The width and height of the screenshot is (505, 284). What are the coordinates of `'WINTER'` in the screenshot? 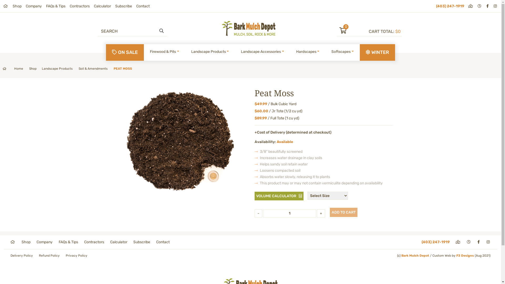 It's located at (377, 52).